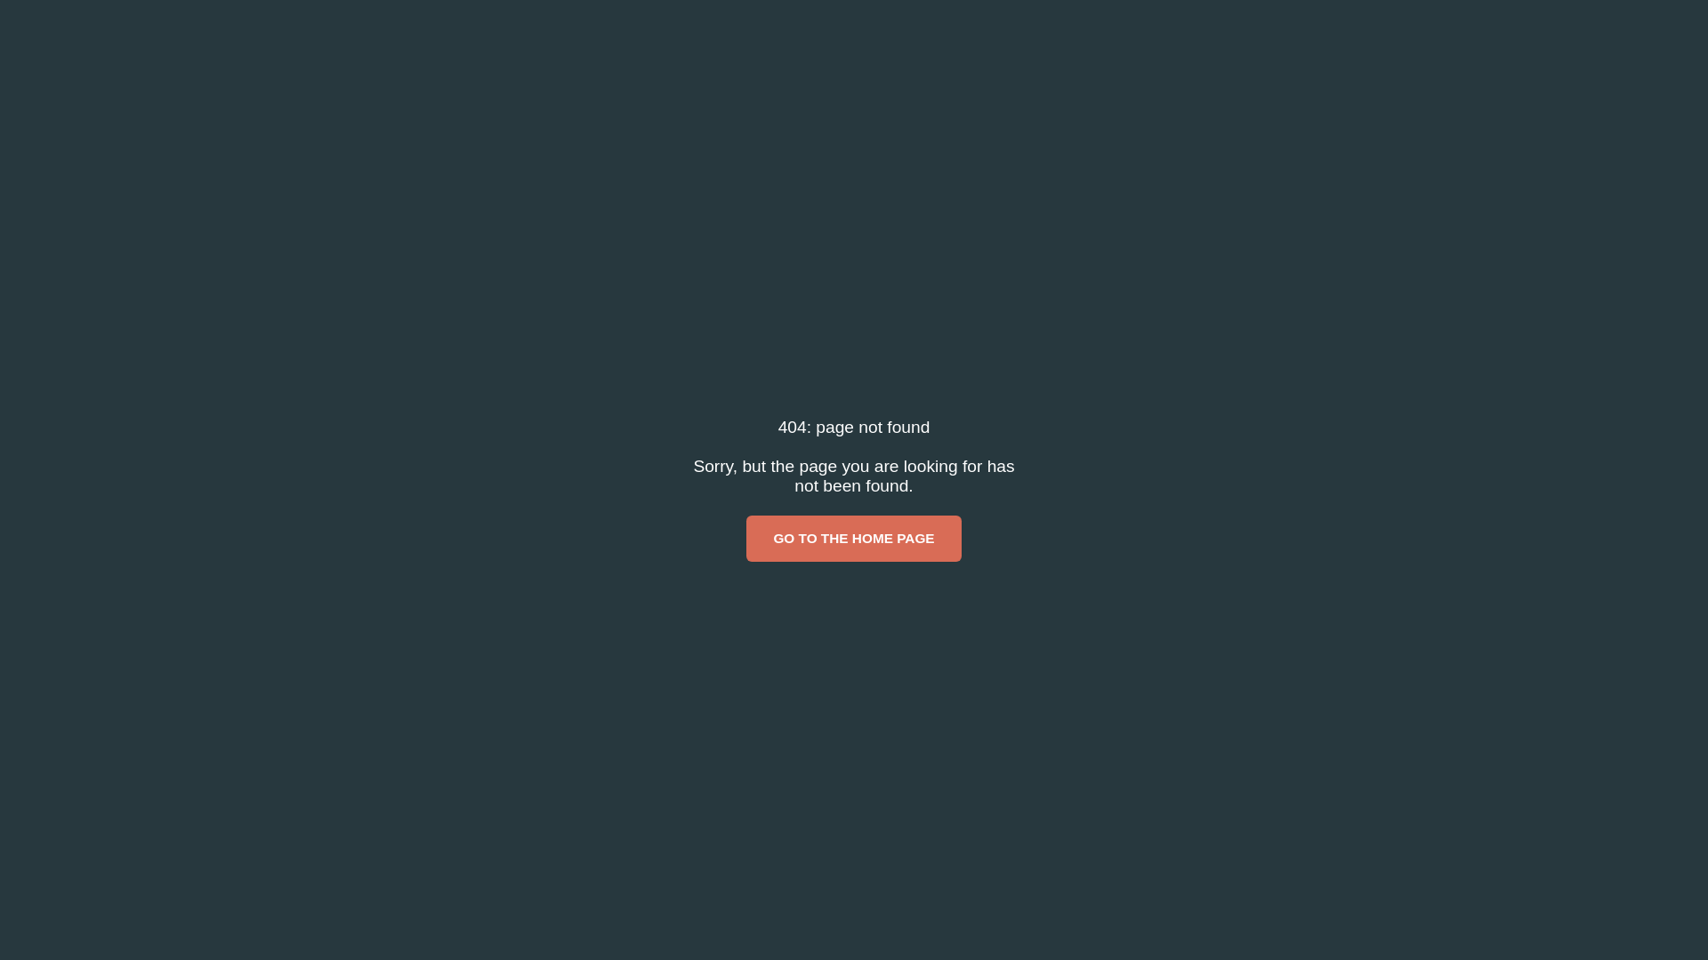  What do you see at coordinates (854, 537) in the screenshot?
I see `'GO TO THE HOME PAGE'` at bounding box center [854, 537].